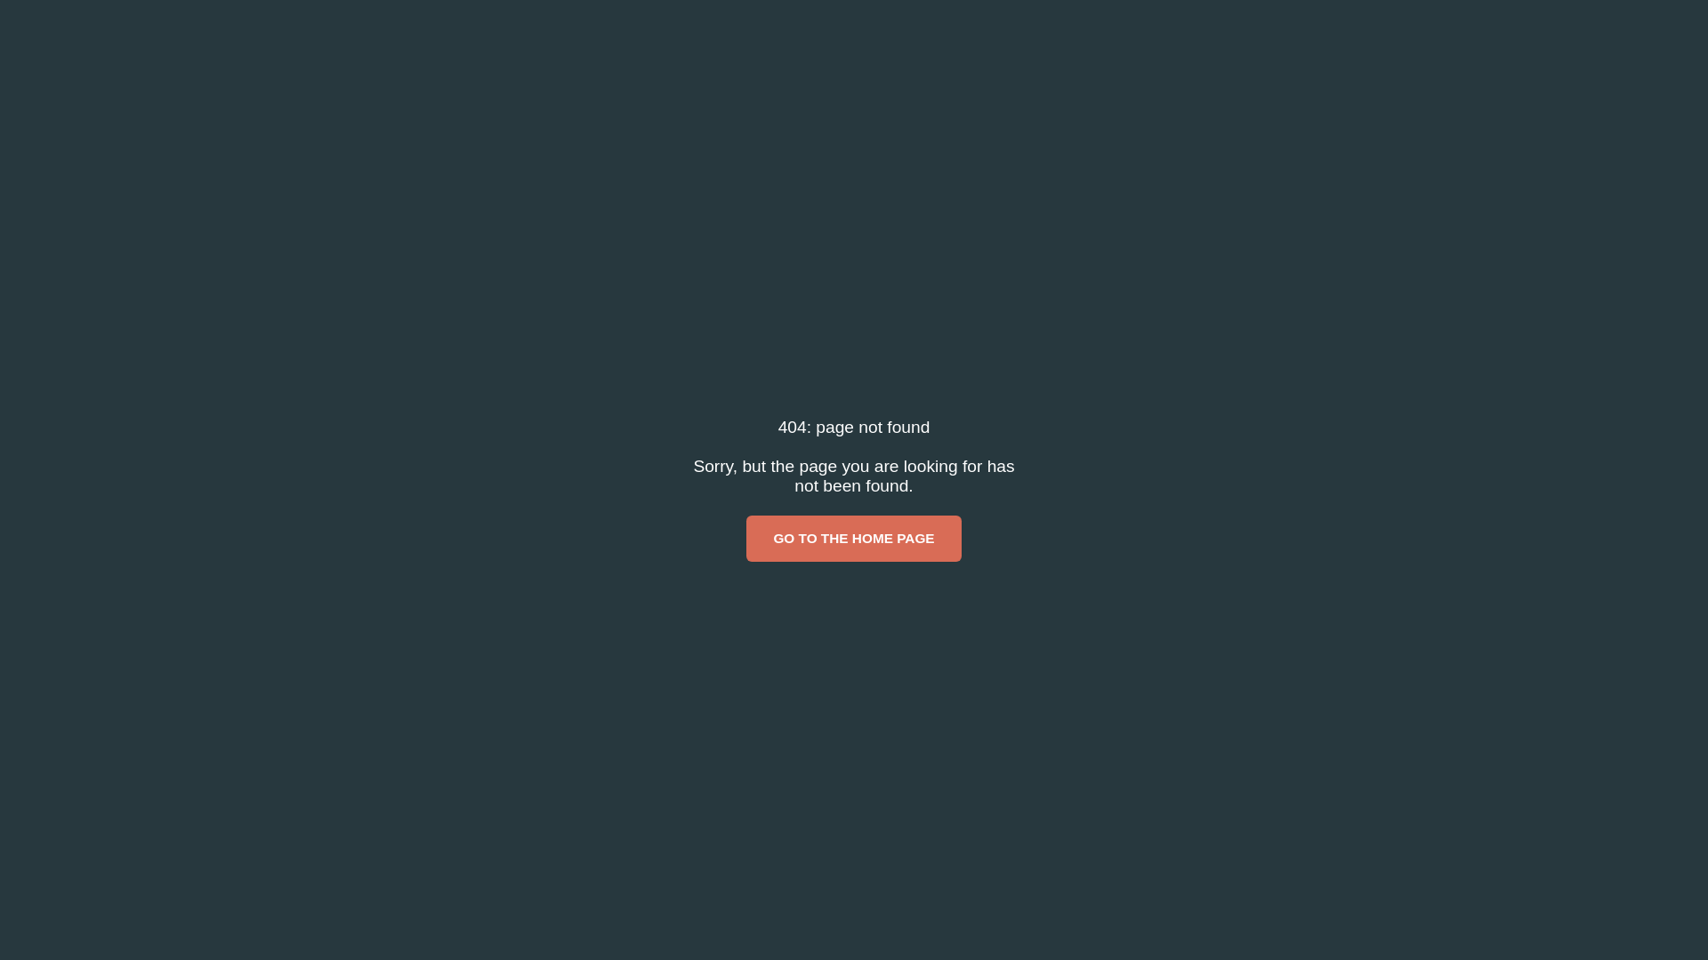  What do you see at coordinates (854, 537) in the screenshot?
I see `'GO TO THE HOME PAGE'` at bounding box center [854, 537].